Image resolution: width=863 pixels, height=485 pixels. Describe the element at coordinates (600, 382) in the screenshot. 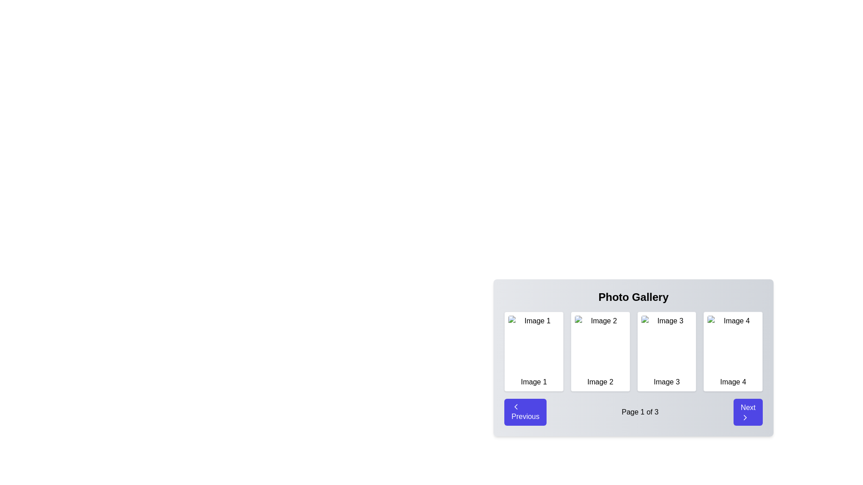

I see `the static text label displaying 'Image 2' at the bottom of the second card in the photo gallery layout` at that location.